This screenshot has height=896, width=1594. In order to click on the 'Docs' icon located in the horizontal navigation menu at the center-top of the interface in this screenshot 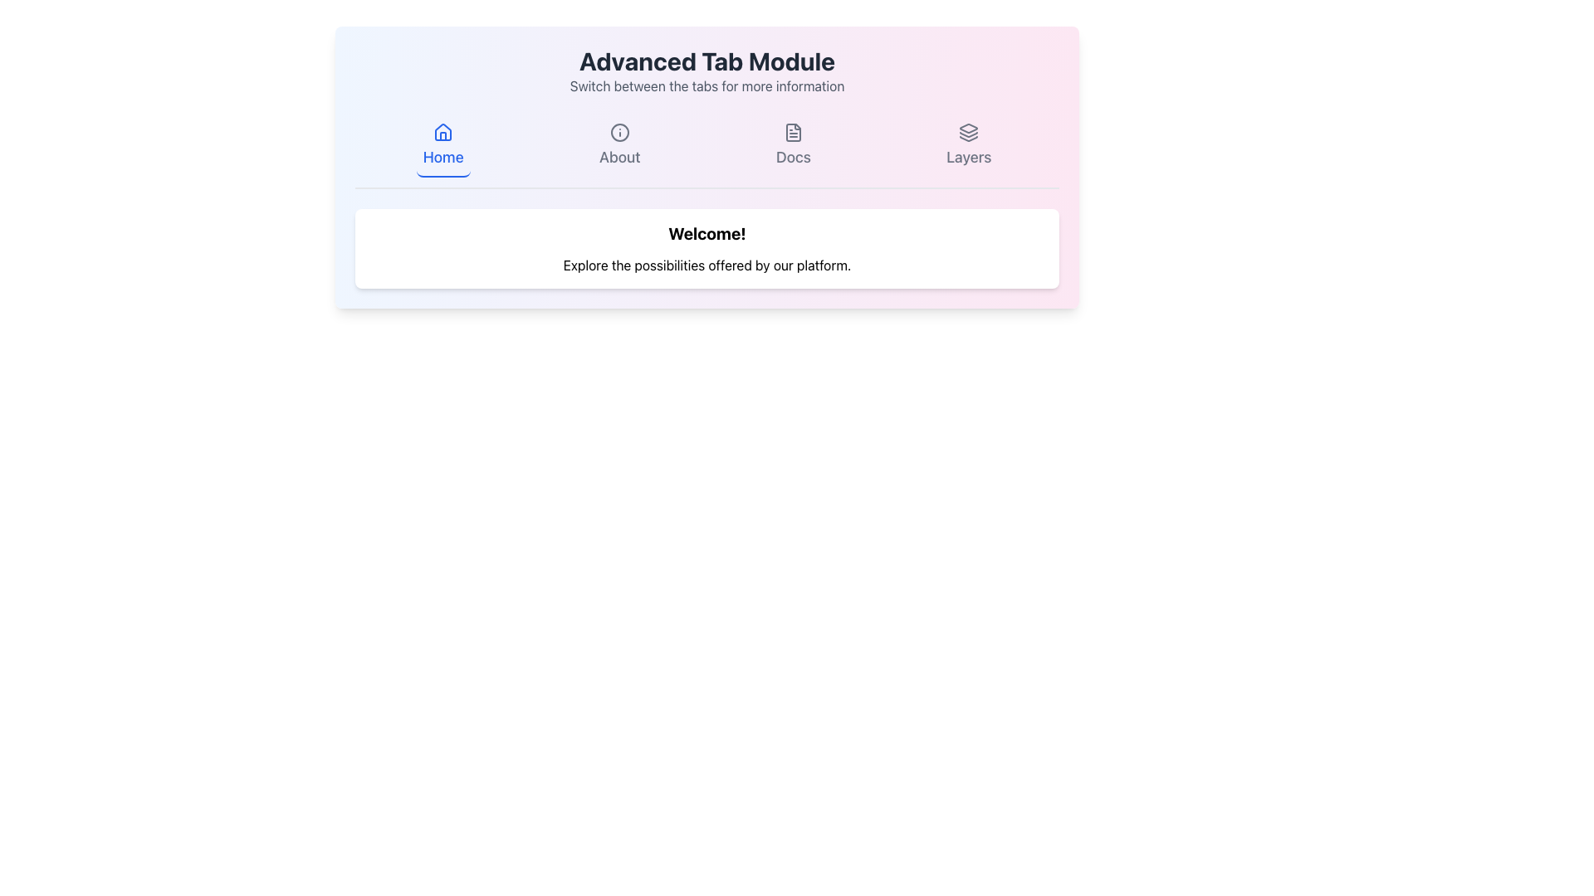, I will do `click(792, 131)`.